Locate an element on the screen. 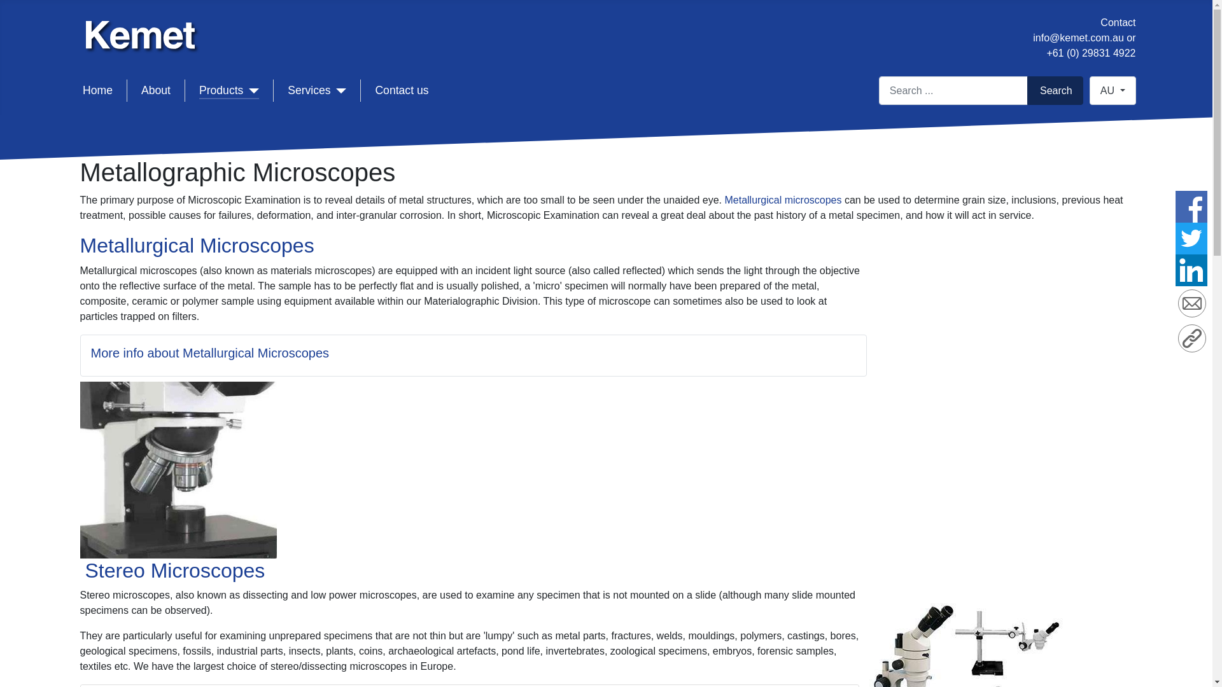 The height and width of the screenshot is (687, 1222). 'Contact' is located at coordinates (1117, 22).